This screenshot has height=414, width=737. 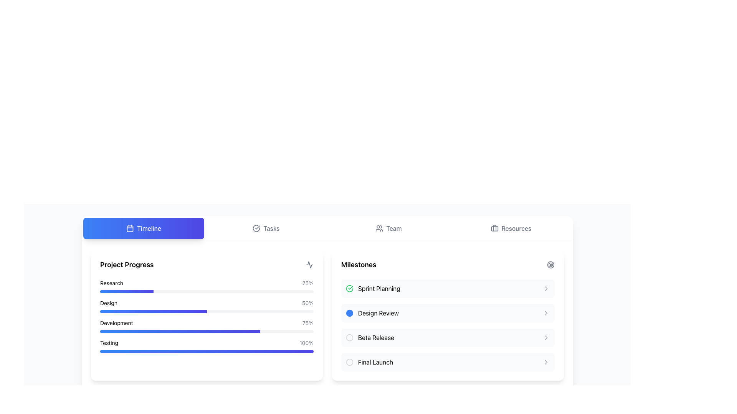 I want to click on the progress visually on the horizontal progress bar with rounded ends, indicating 25% completion, located in the 'Project Progress' section of the dashboard beneath the 'Timeline' tab, so click(x=207, y=291).